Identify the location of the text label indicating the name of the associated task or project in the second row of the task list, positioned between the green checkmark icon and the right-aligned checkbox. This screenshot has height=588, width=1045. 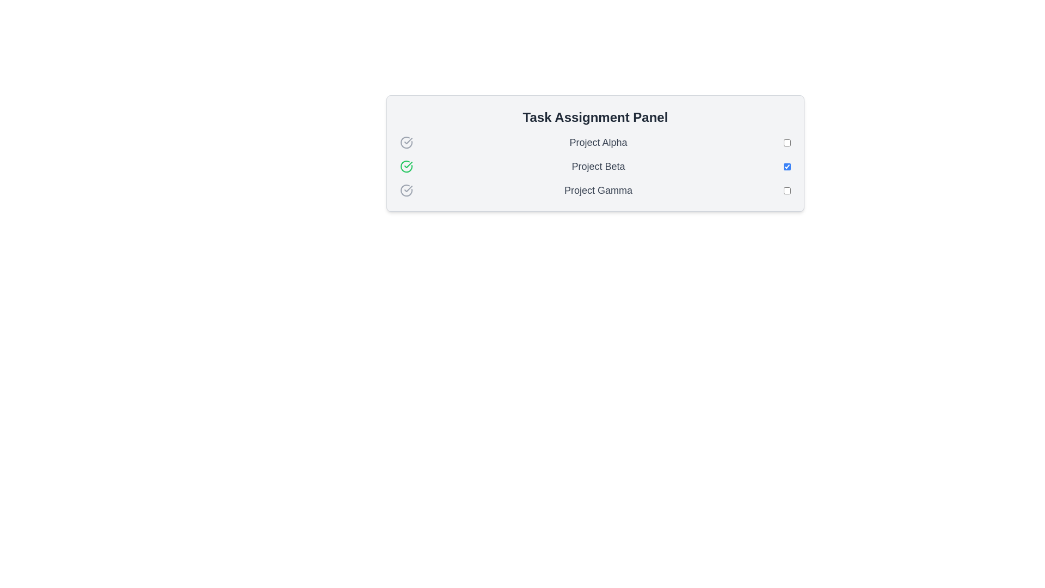
(598, 166).